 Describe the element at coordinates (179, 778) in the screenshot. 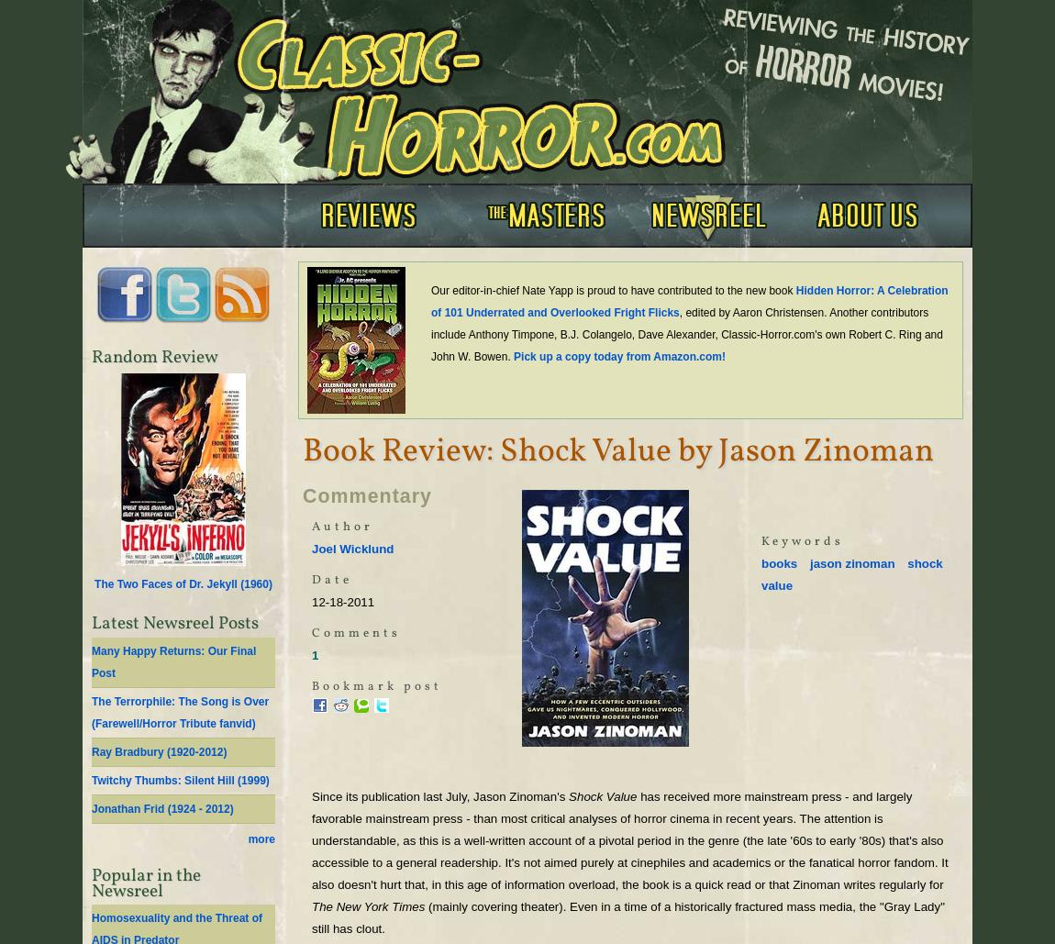

I see `'Twitchy Thumbs: Silent Hill (1999)'` at that location.